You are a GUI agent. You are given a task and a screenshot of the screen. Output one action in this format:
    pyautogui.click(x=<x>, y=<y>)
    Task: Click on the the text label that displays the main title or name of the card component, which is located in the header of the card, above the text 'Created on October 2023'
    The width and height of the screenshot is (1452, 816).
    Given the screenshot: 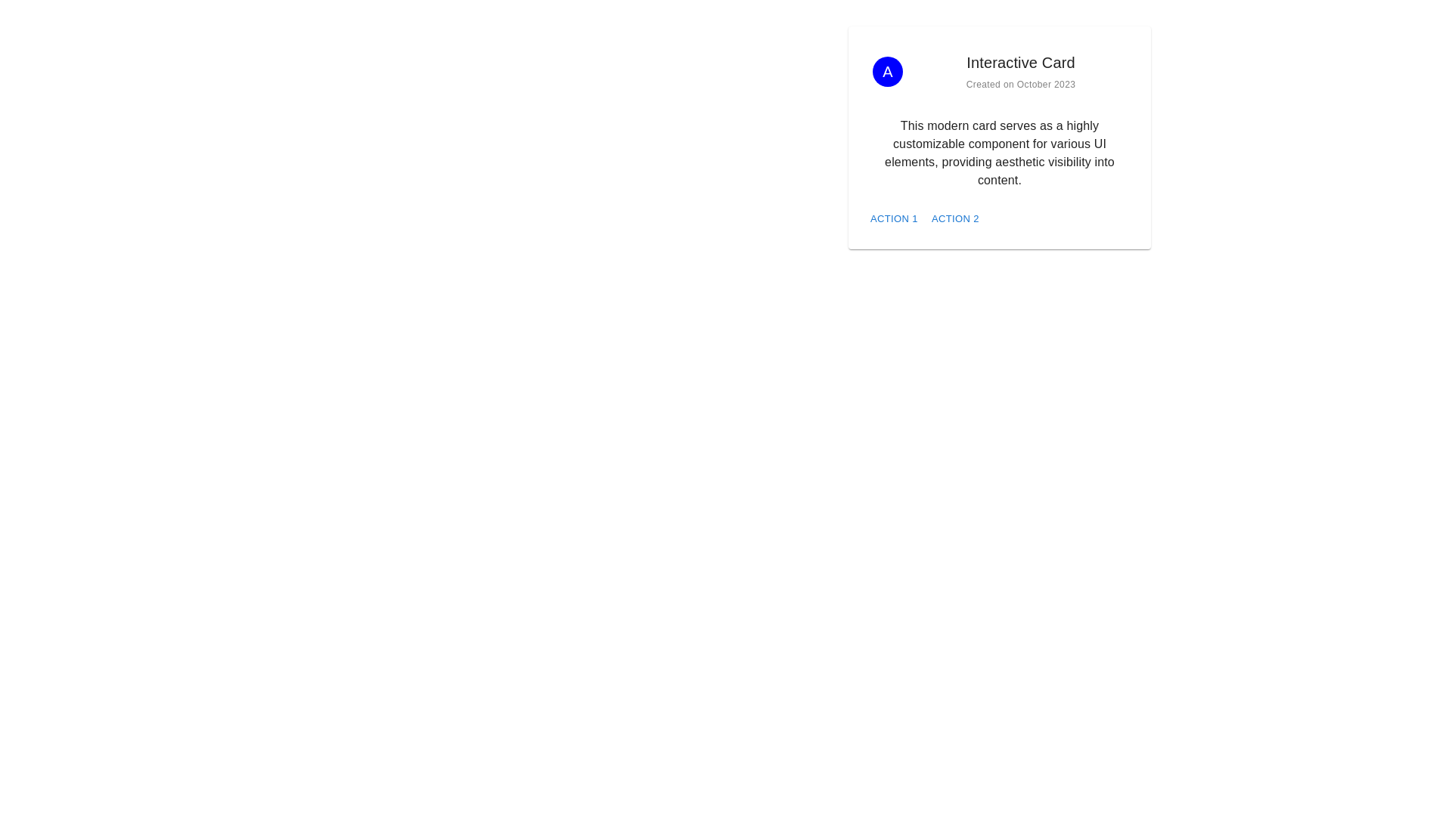 What is the action you would take?
    pyautogui.click(x=1020, y=62)
    